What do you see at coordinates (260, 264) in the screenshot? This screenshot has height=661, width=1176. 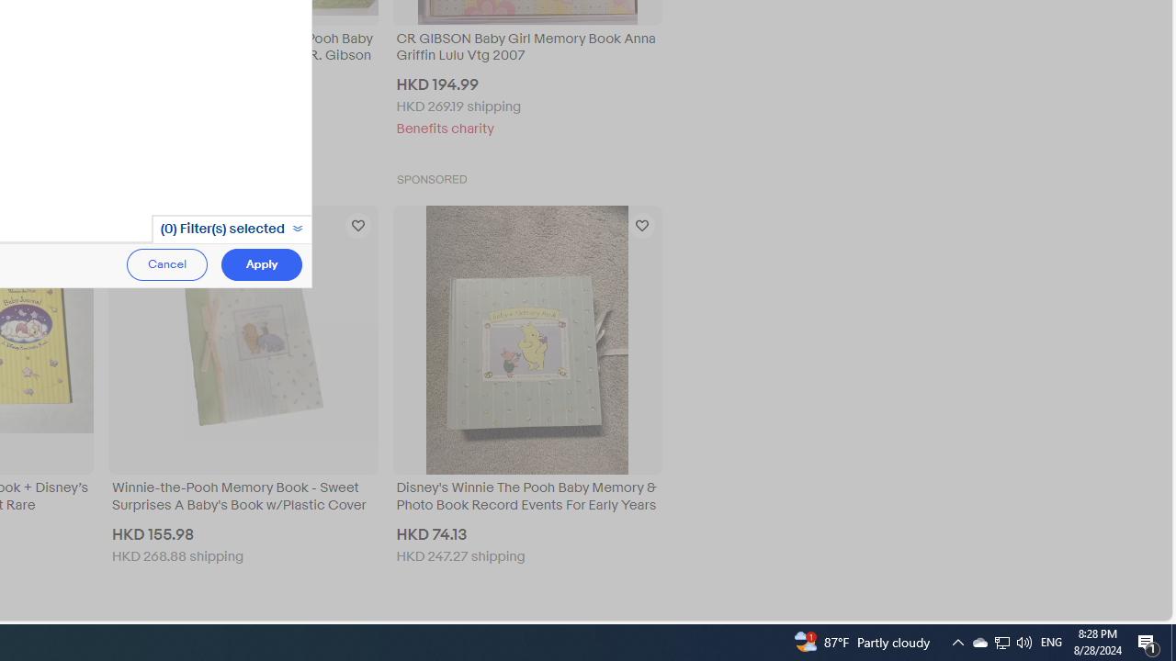 I see `'Apply'` at bounding box center [260, 264].